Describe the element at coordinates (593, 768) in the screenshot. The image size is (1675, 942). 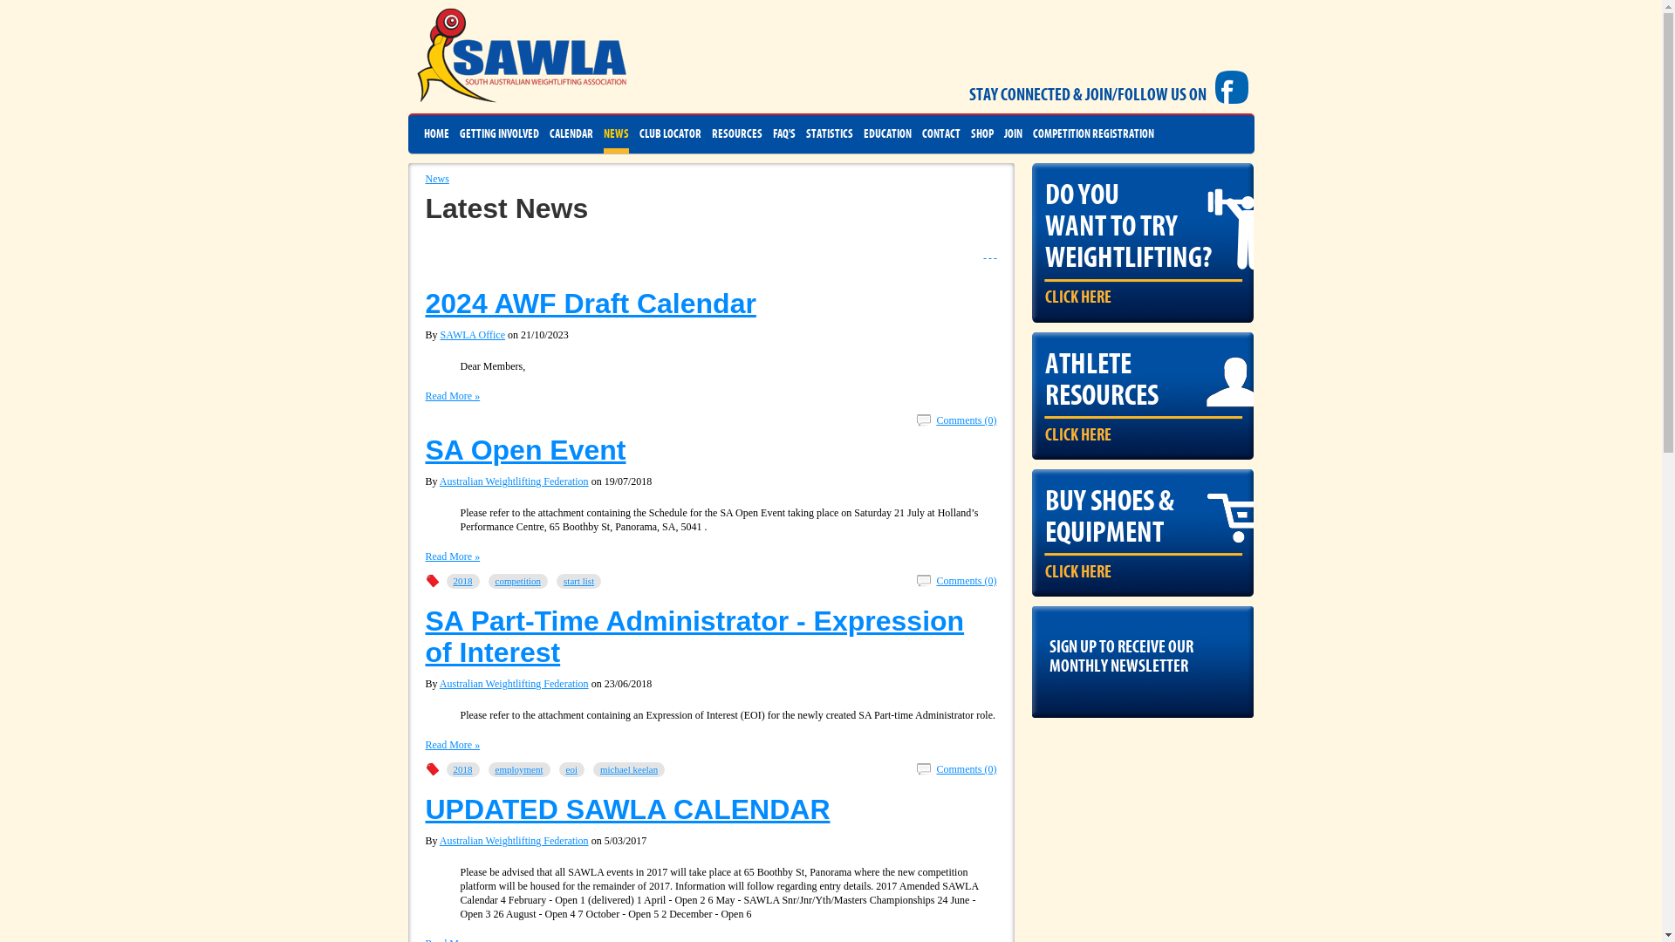
I see `'michael keelan'` at that location.